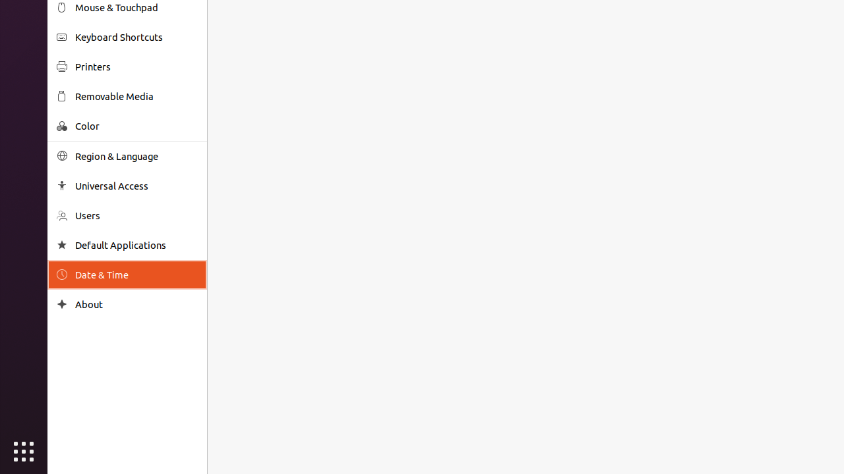 This screenshot has width=844, height=474. Describe the element at coordinates (136, 36) in the screenshot. I see `'Keyboard Shortcuts'` at that location.